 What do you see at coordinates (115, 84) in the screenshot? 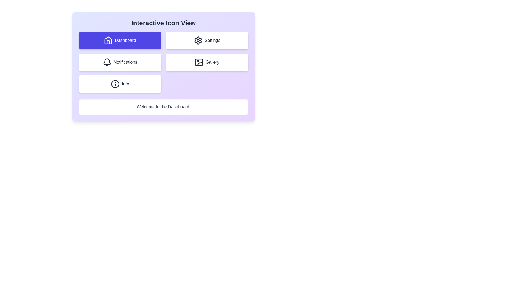
I see `the circular component of the 'Info' icon located in the third button from the top-left in the grid layout` at bounding box center [115, 84].